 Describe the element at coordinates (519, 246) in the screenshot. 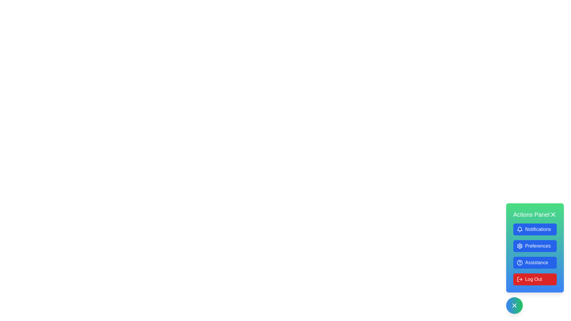

I see `on the gear icon embedded within the 'Preferences' button located on the left side of the button in the Actions Panel` at that location.